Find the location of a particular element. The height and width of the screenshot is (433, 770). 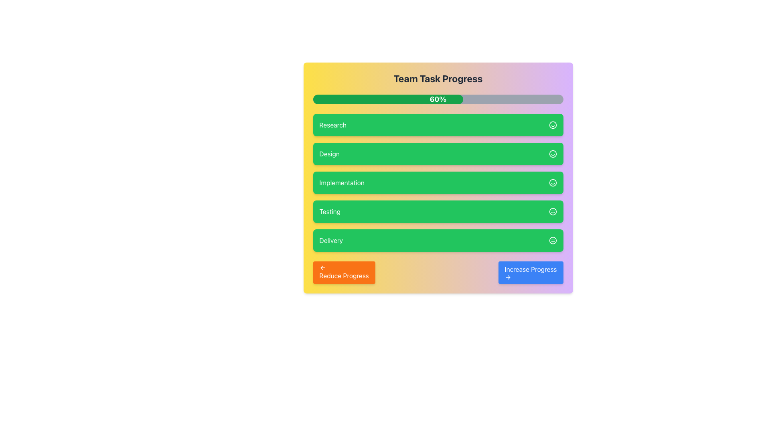

the green progress bar segment that spans 60% of the width of the gray rounded rectangle in the progress indicator located beneath the title 'Team Task Progress' is located at coordinates (388, 99).